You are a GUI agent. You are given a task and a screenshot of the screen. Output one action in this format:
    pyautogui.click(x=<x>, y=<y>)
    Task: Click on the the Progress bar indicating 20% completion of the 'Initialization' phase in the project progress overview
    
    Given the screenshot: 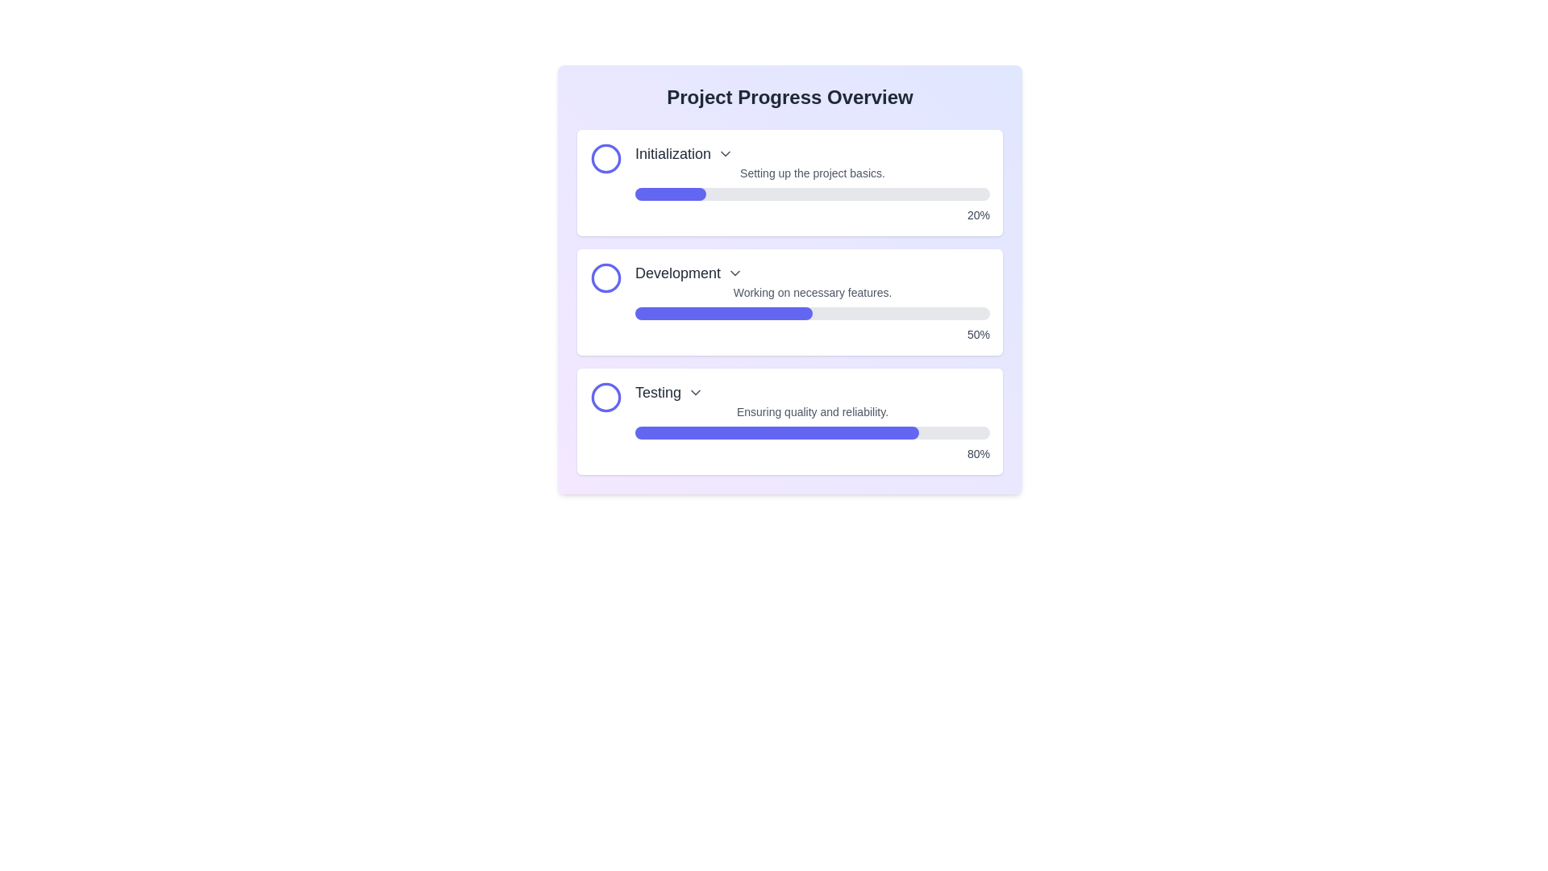 What is the action you would take?
    pyautogui.click(x=670, y=193)
    